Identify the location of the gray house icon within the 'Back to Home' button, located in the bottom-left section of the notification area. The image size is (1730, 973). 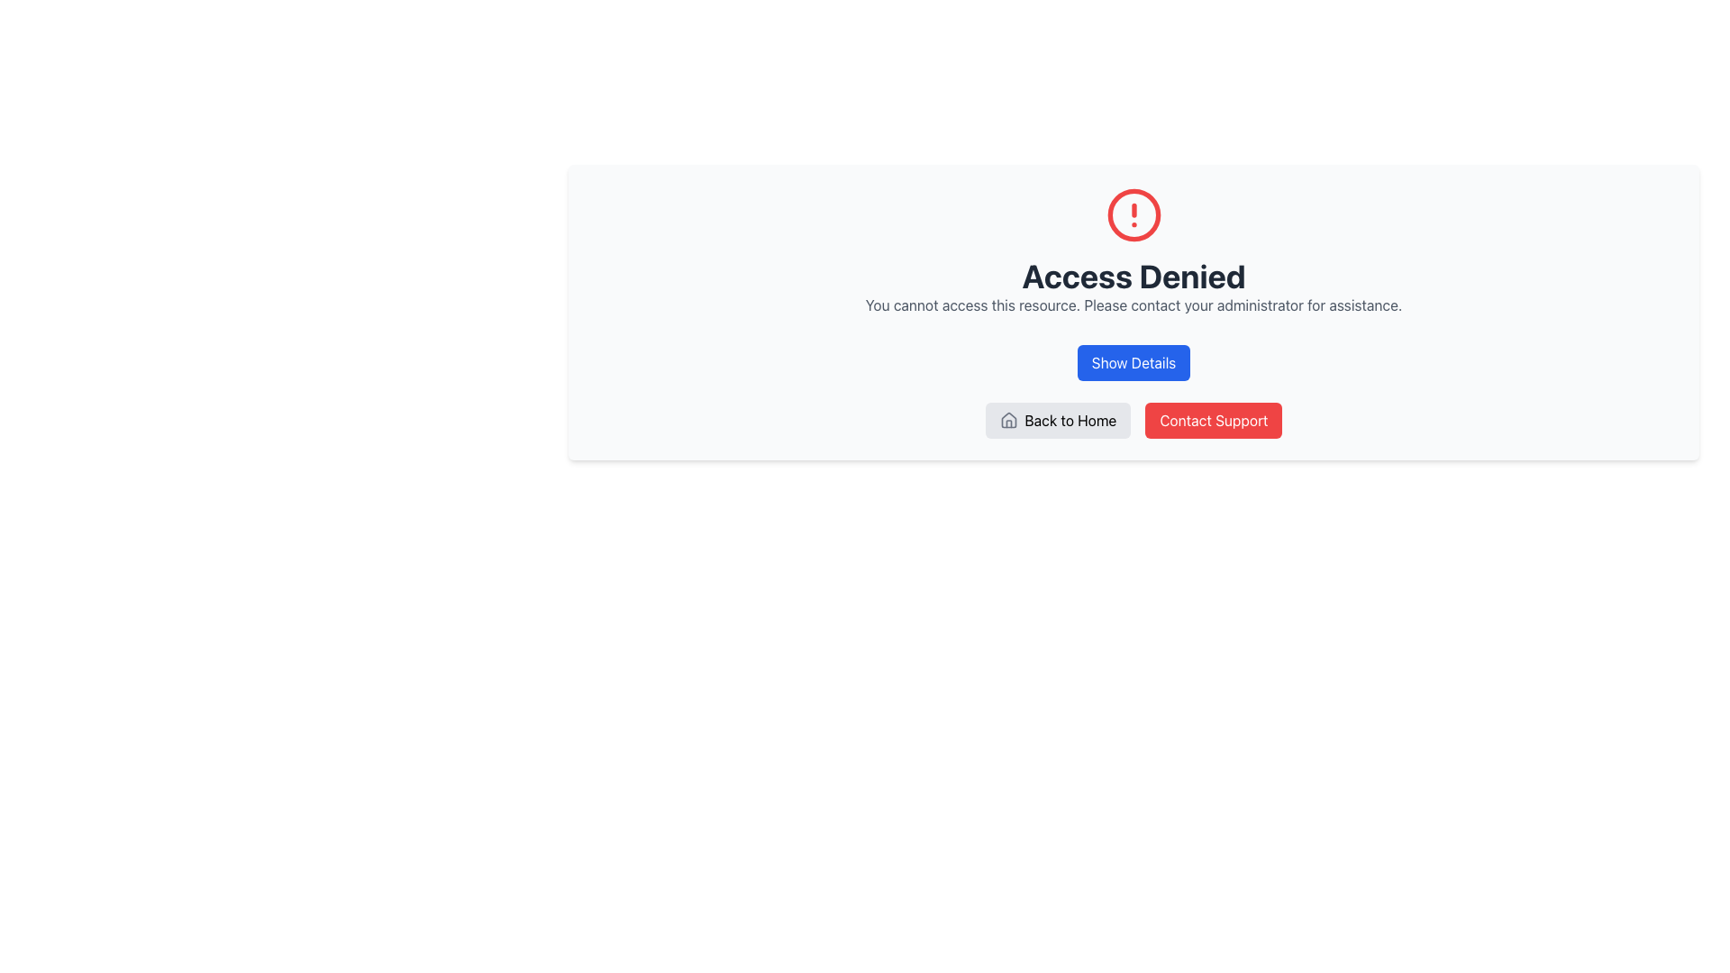
(1007, 420).